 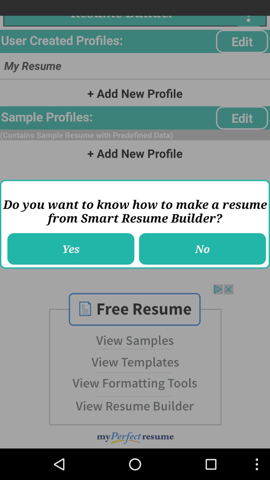 What do you see at coordinates (202, 249) in the screenshot?
I see `the no` at bounding box center [202, 249].